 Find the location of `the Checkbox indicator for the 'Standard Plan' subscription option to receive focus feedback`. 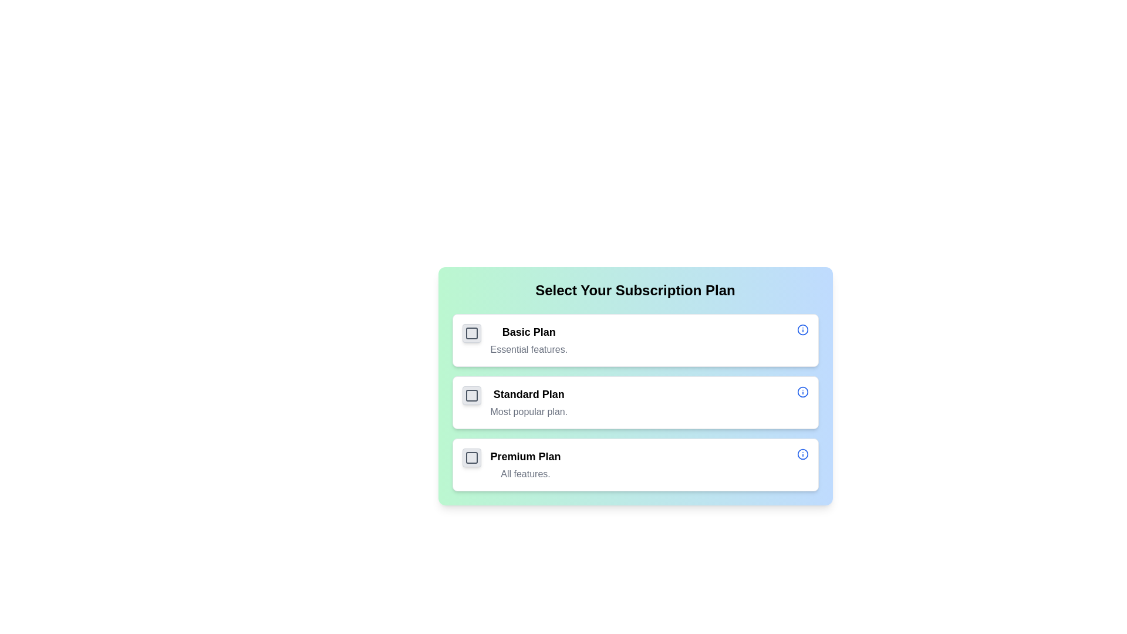

the Checkbox indicator for the 'Standard Plan' subscription option to receive focus feedback is located at coordinates (471, 396).